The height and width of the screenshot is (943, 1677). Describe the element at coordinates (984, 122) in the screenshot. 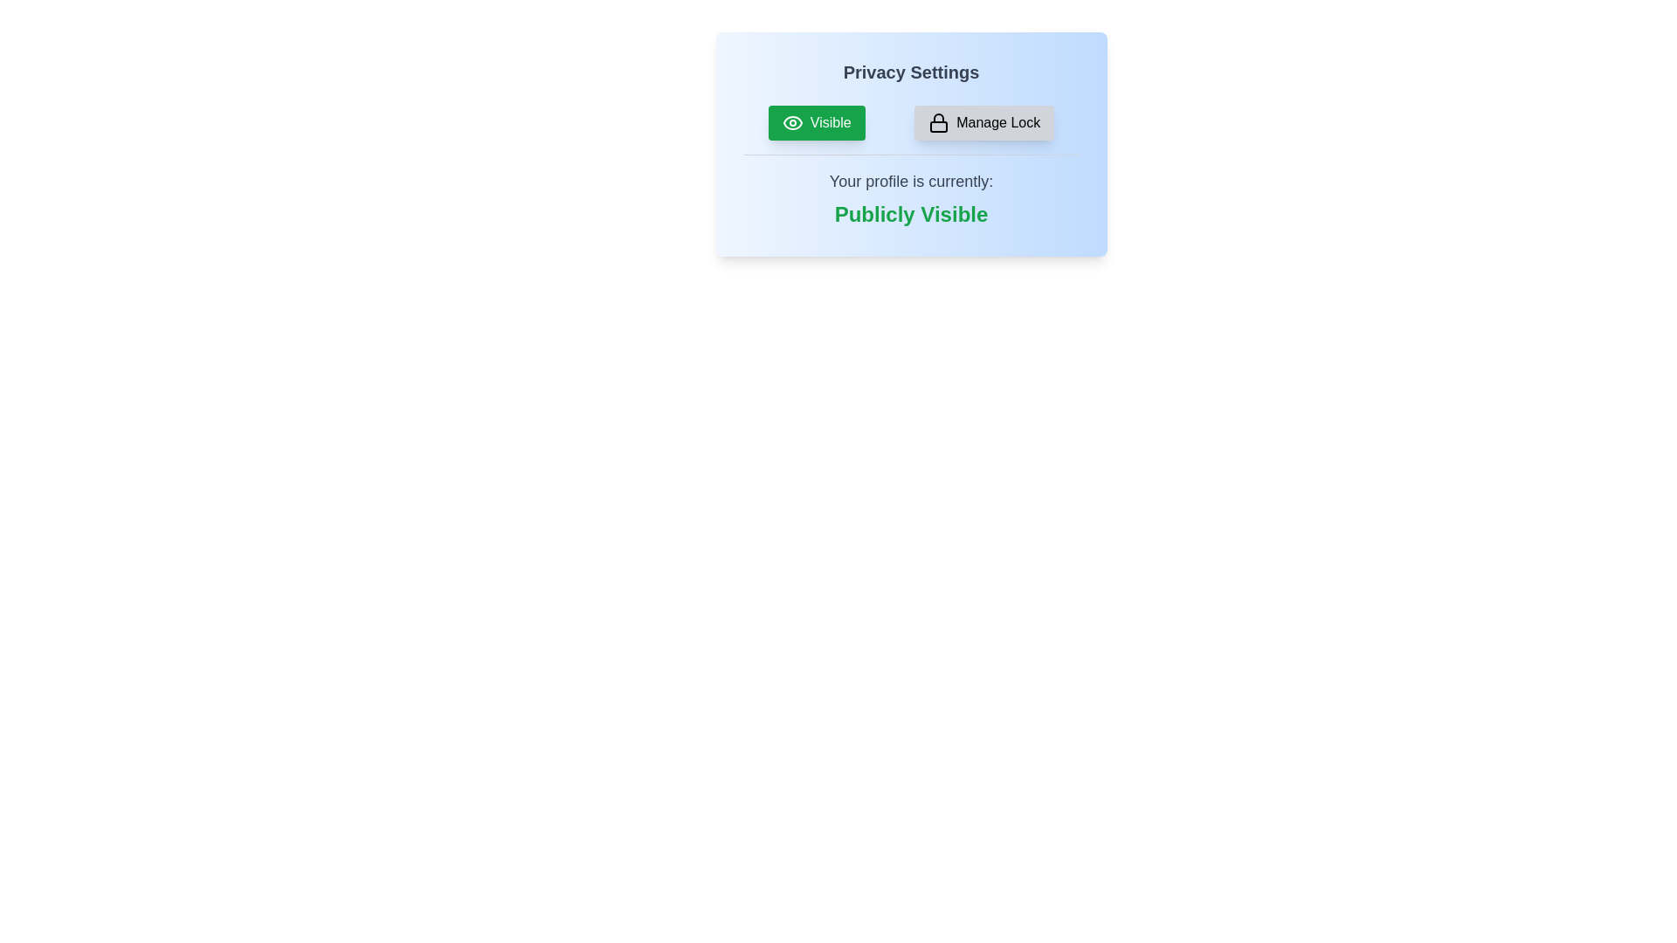

I see `the 'Manage Lock' button to access lock management` at that location.